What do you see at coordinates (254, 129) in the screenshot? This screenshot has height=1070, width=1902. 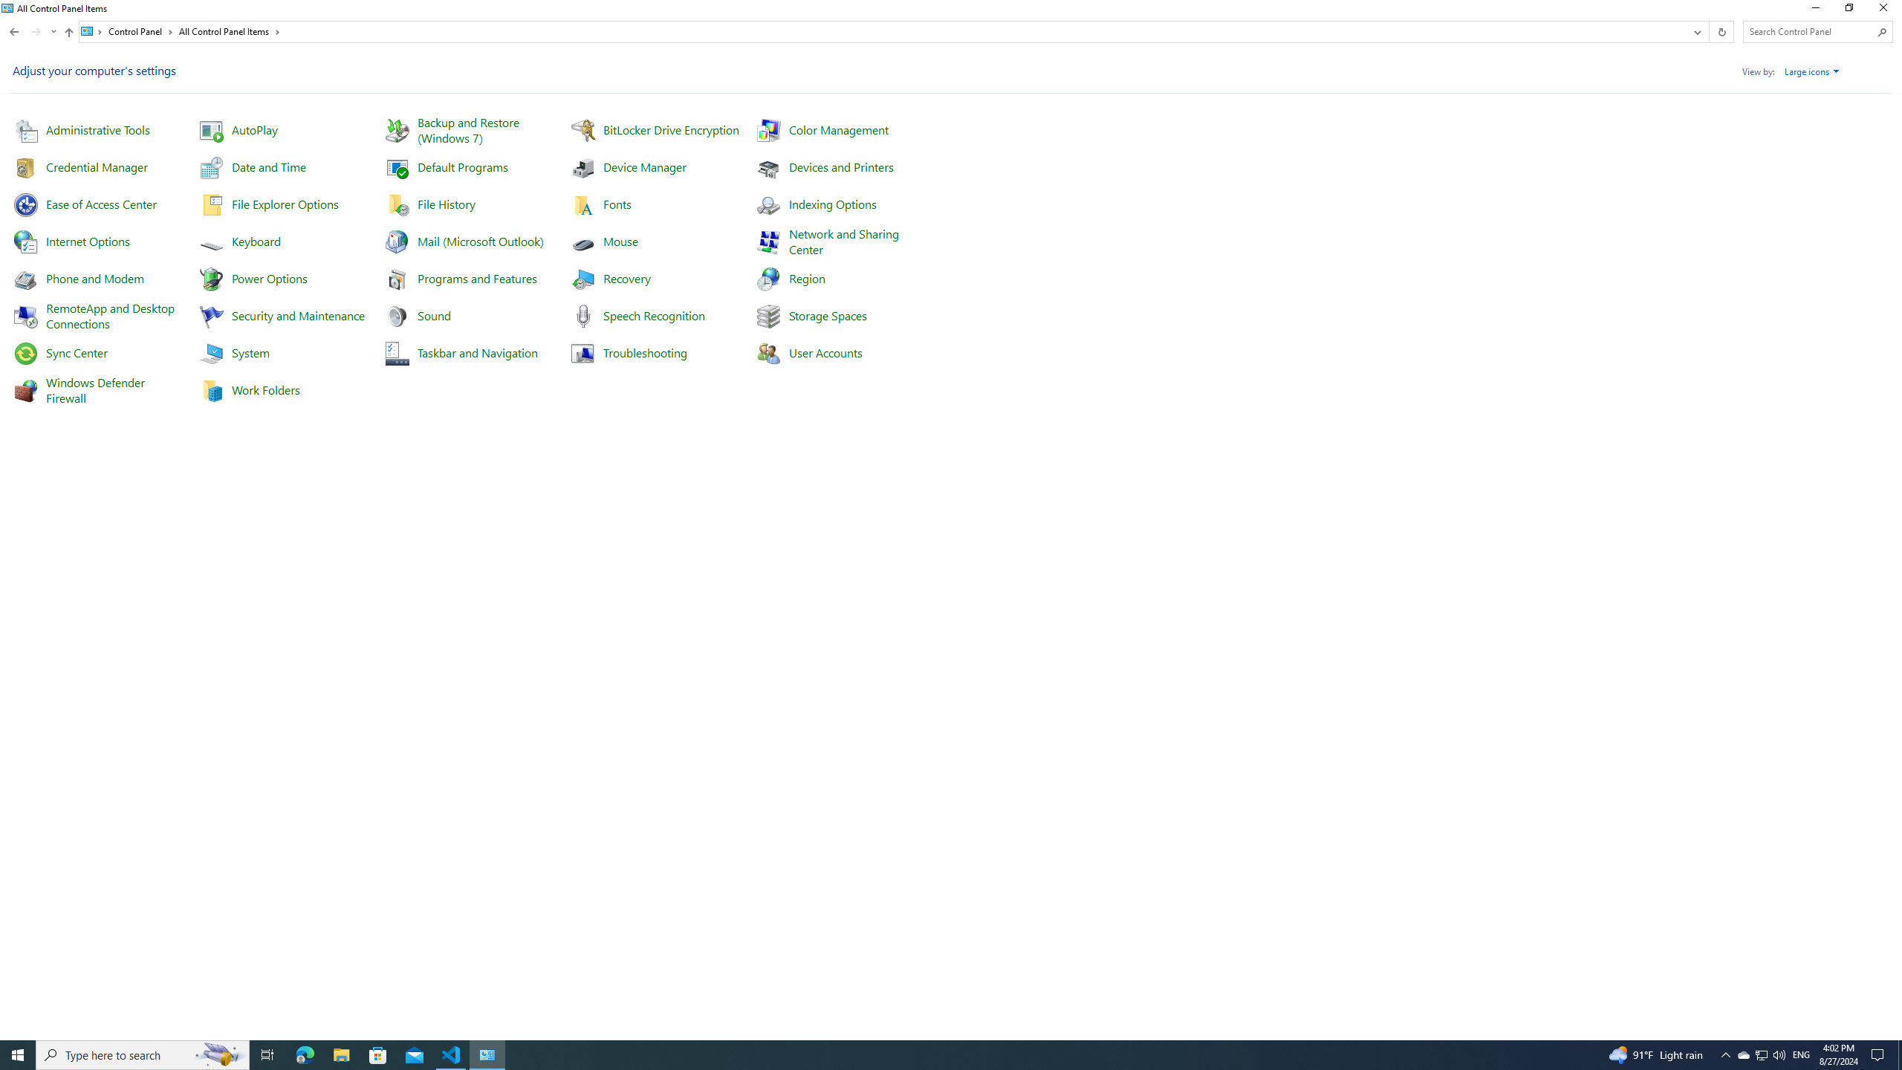 I see `'AutoPlay'` at bounding box center [254, 129].